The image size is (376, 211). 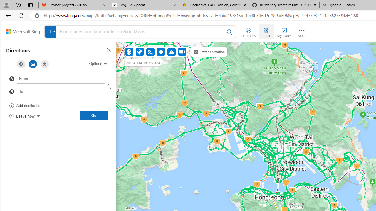 I want to click on 'From', so click(x=61, y=78).